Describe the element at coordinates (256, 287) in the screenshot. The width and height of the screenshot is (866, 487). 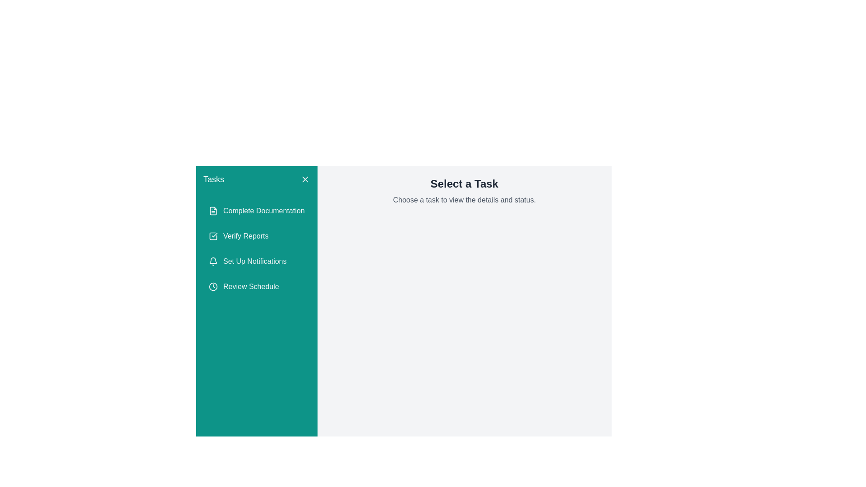
I see `the 'Review Schedule' button` at that location.